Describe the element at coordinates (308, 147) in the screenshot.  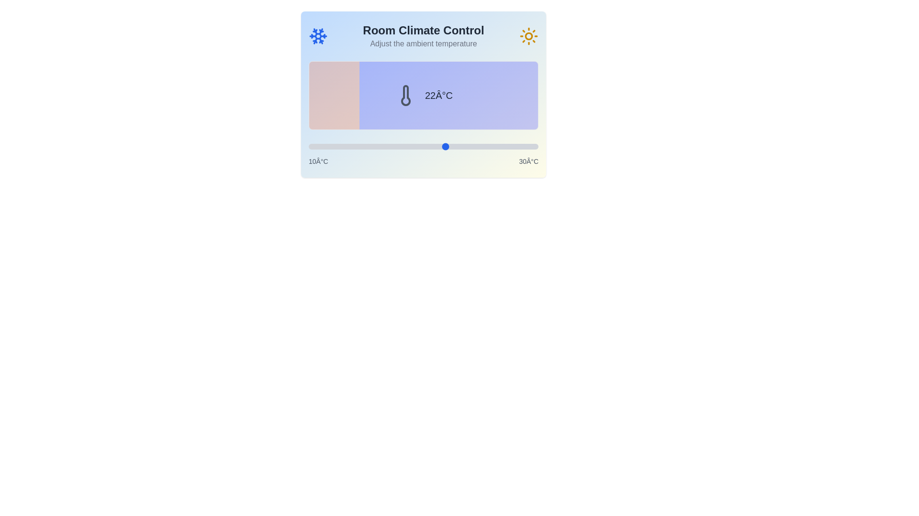
I see `the temperature slider to set the temperature to 10°C` at that location.